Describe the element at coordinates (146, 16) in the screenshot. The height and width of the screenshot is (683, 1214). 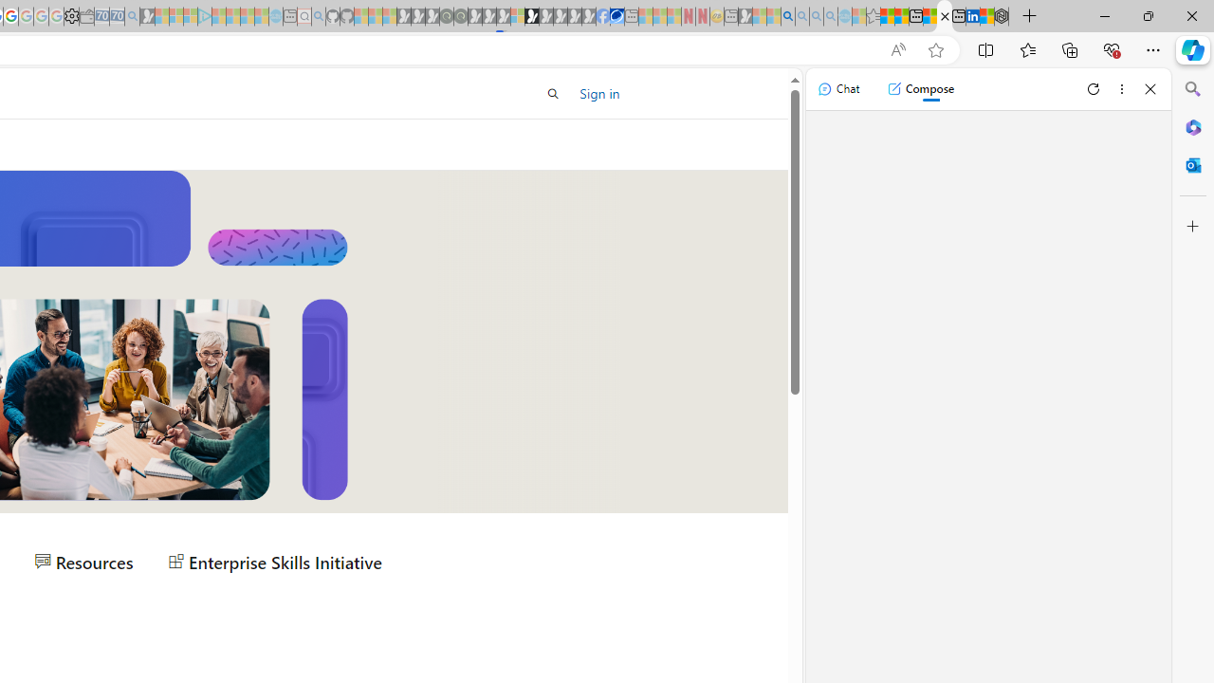
I see `'Microsoft Start Gaming - Sleeping'` at that location.